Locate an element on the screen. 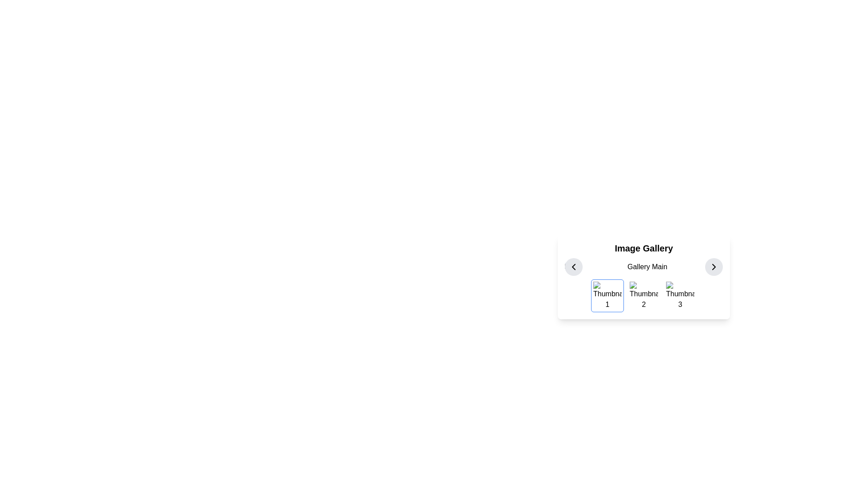 The height and width of the screenshot is (479, 852). the first thumbnail image labeled 'Thumbnail 1' in the 'Image Gallery' section is located at coordinates (607, 296).